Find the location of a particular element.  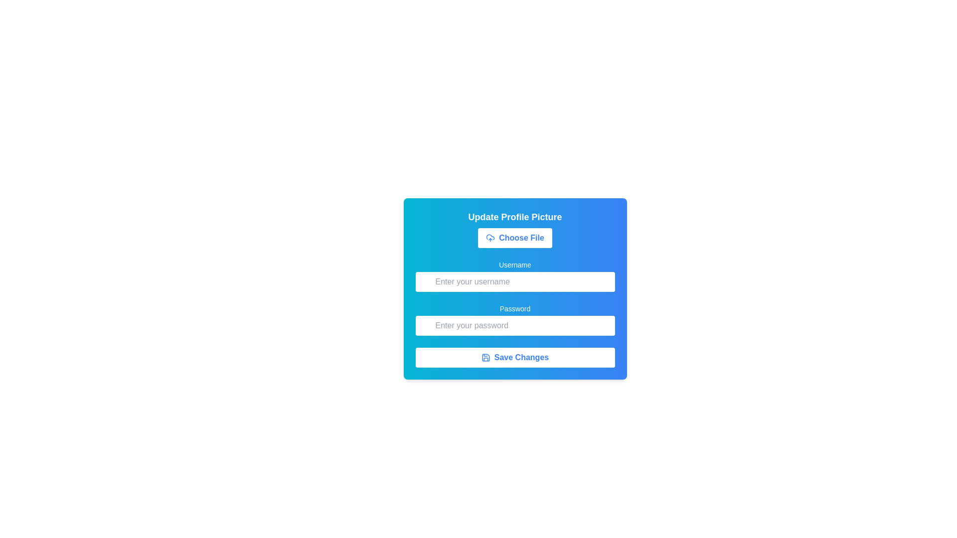

the 'Choose File' button, which is visually represented by an icon (SVG graphic) located at its left edge is located at coordinates (490, 238).